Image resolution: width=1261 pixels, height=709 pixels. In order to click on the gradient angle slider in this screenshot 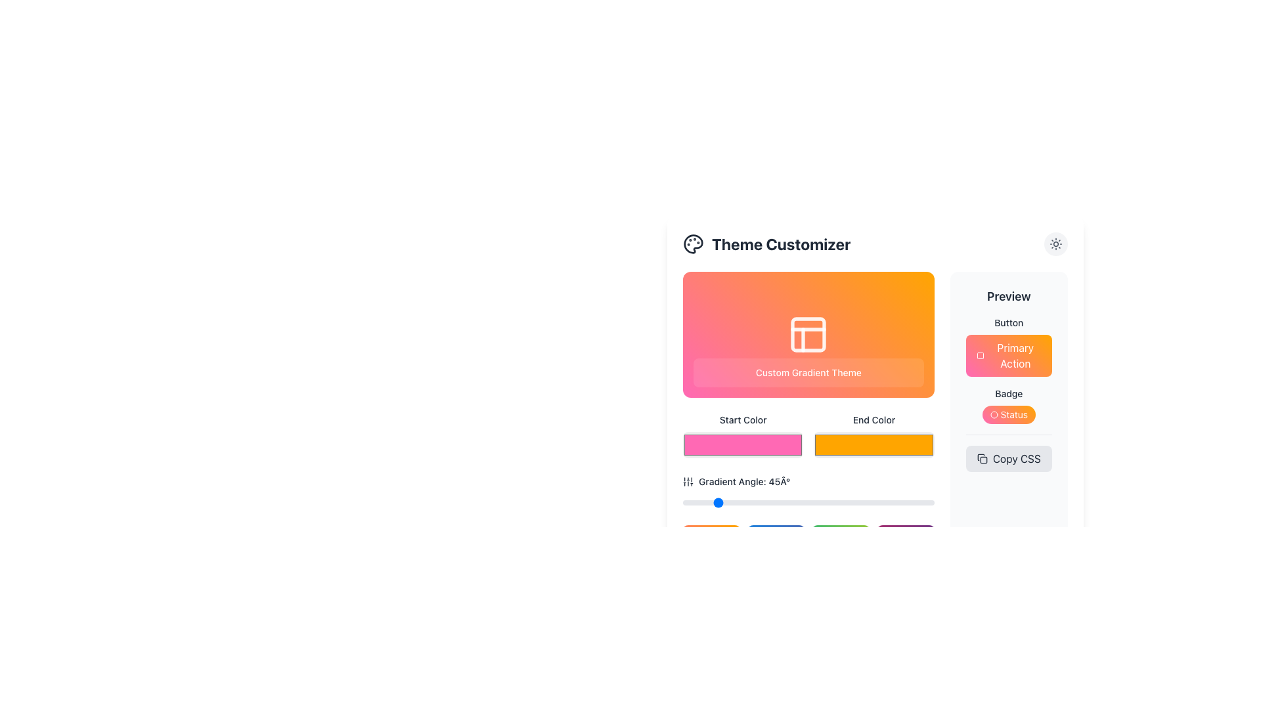, I will do `click(752, 502)`.